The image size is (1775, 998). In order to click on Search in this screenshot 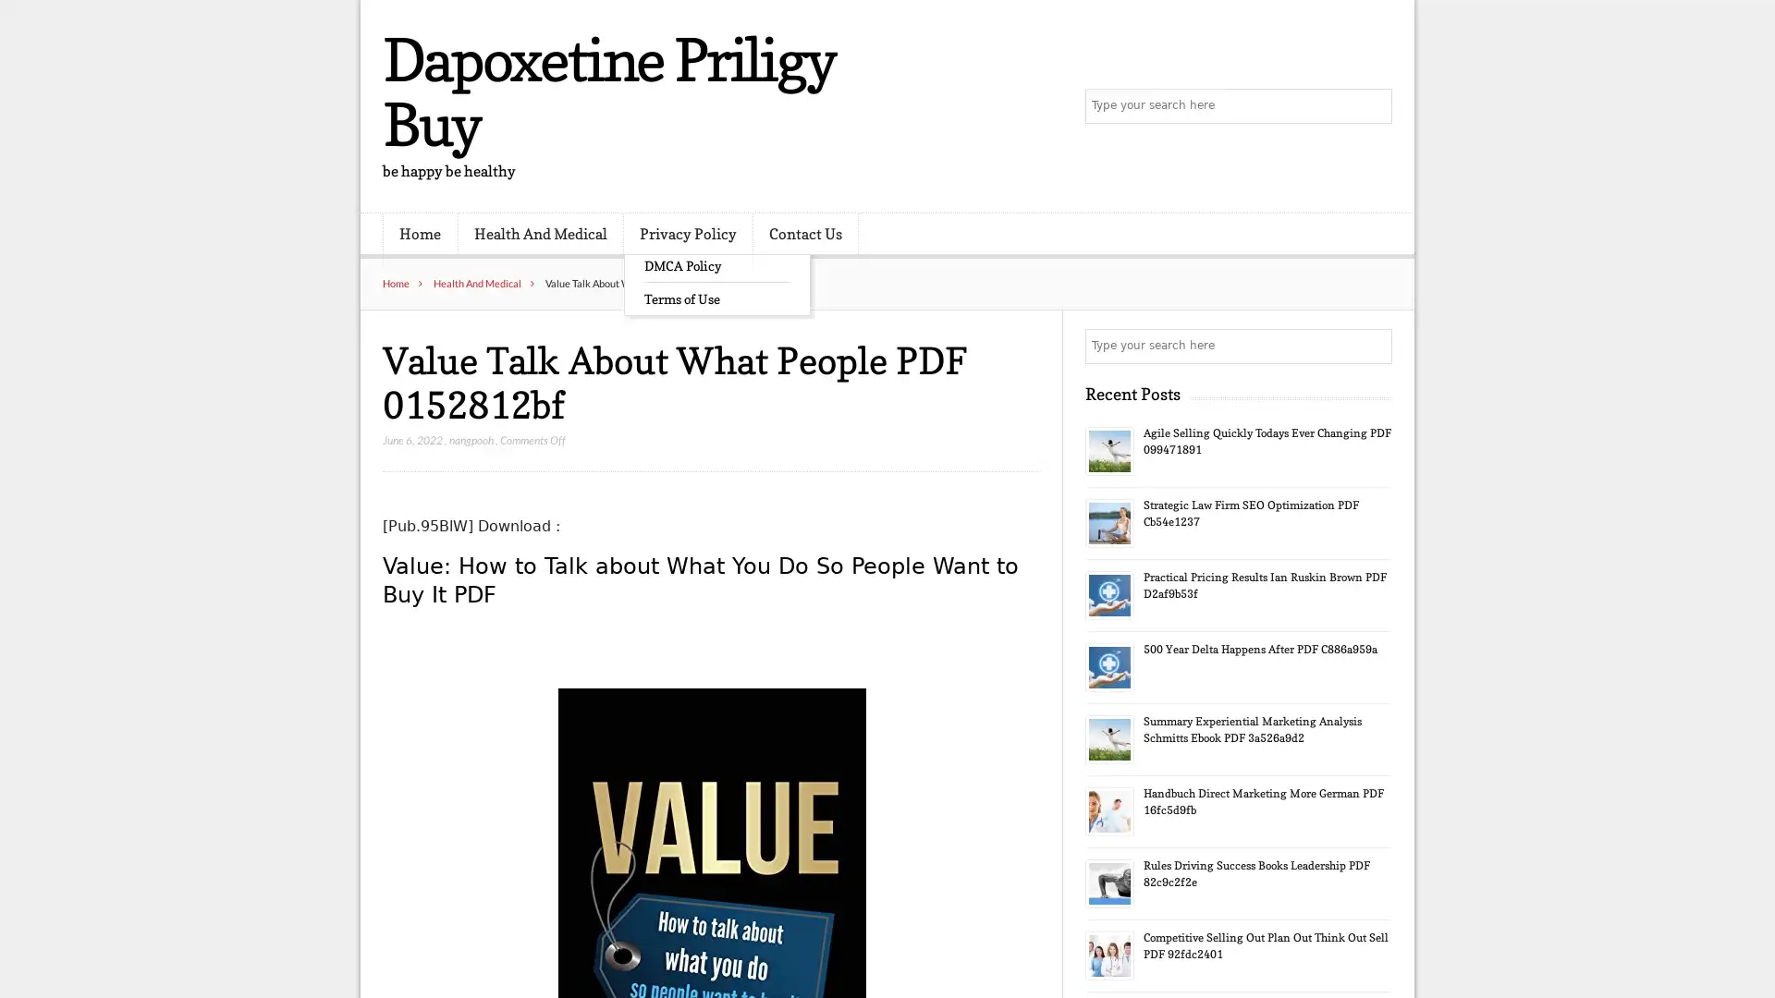, I will do `click(1373, 346)`.